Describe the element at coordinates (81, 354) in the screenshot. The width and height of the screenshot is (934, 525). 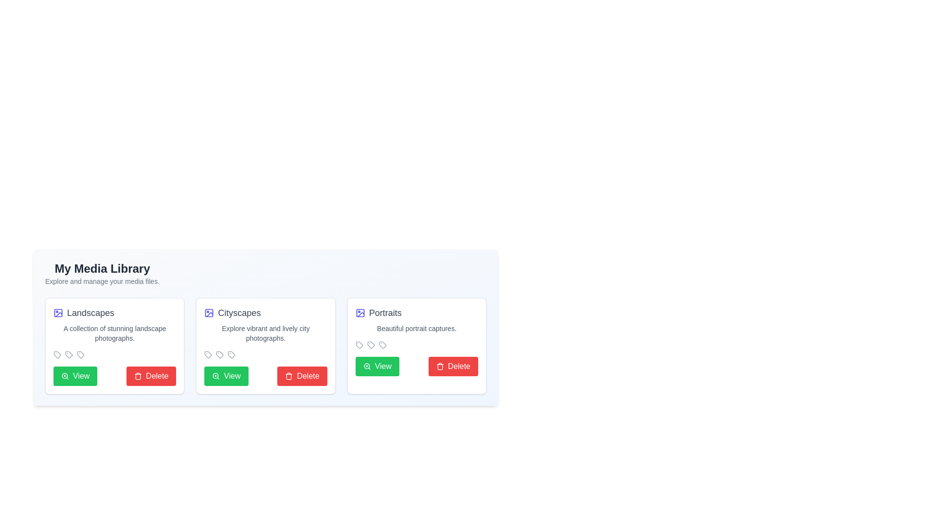
I see `the utility or metadata icon located in the 'Landscapes' card, which is part of the row of small utility icons below the main description text` at that location.